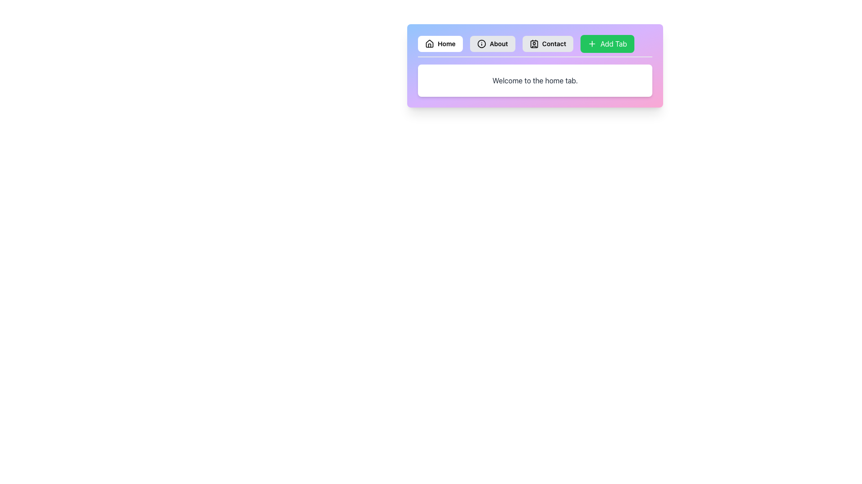 The height and width of the screenshot is (484, 862). Describe the element at coordinates (554, 43) in the screenshot. I see `the 'Contact' text label in the horizontal navigation menu` at that location.